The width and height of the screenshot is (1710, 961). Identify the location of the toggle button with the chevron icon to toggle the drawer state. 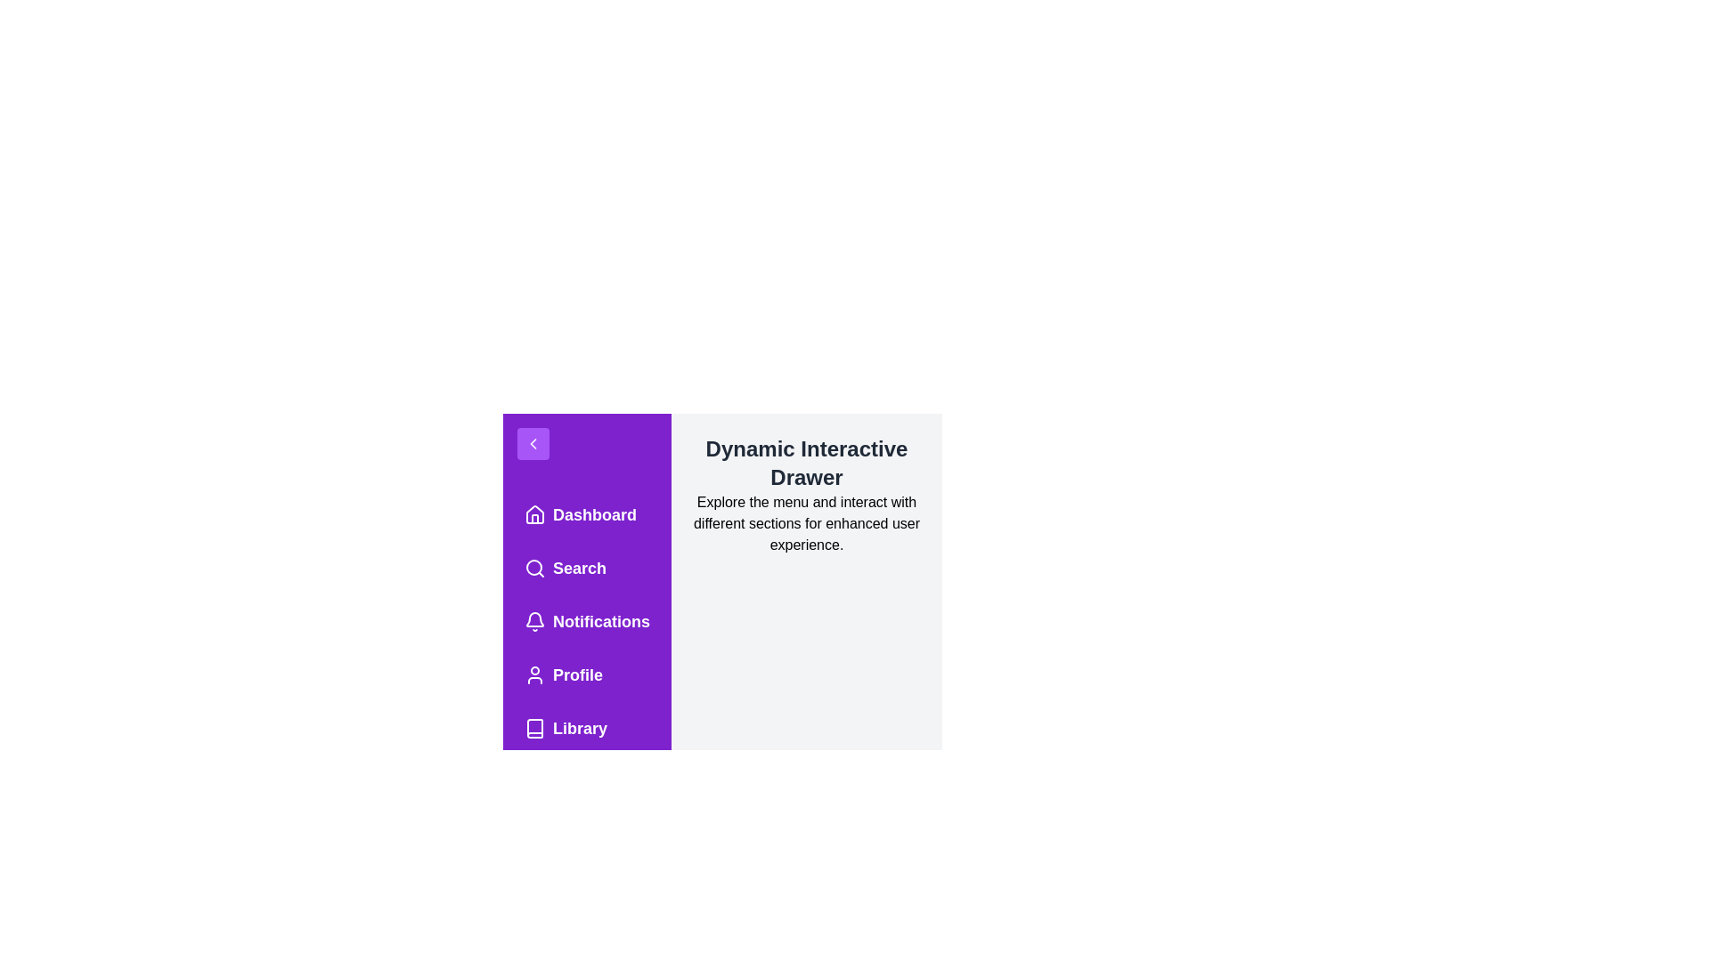
(533, 442).